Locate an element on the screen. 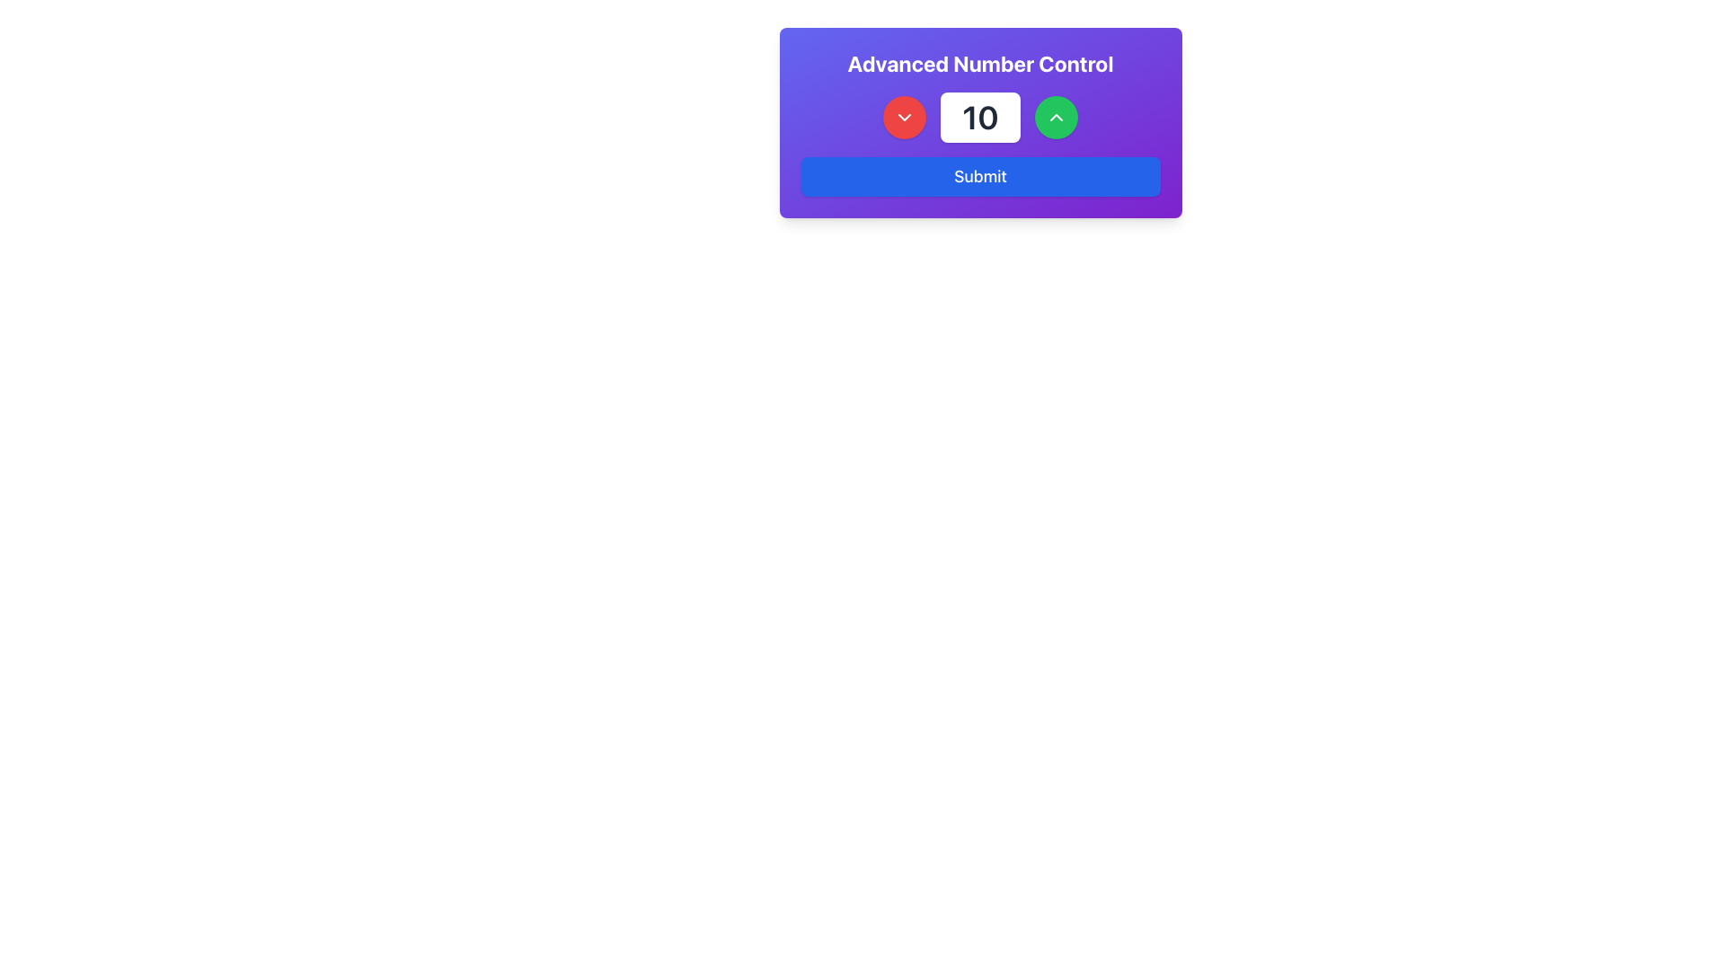  the small upward-pointing chevron icon with a green background circle and black outline, located within the interactive control panel on the right side of the input field displaying the number is located at coordinates (1056, 118).